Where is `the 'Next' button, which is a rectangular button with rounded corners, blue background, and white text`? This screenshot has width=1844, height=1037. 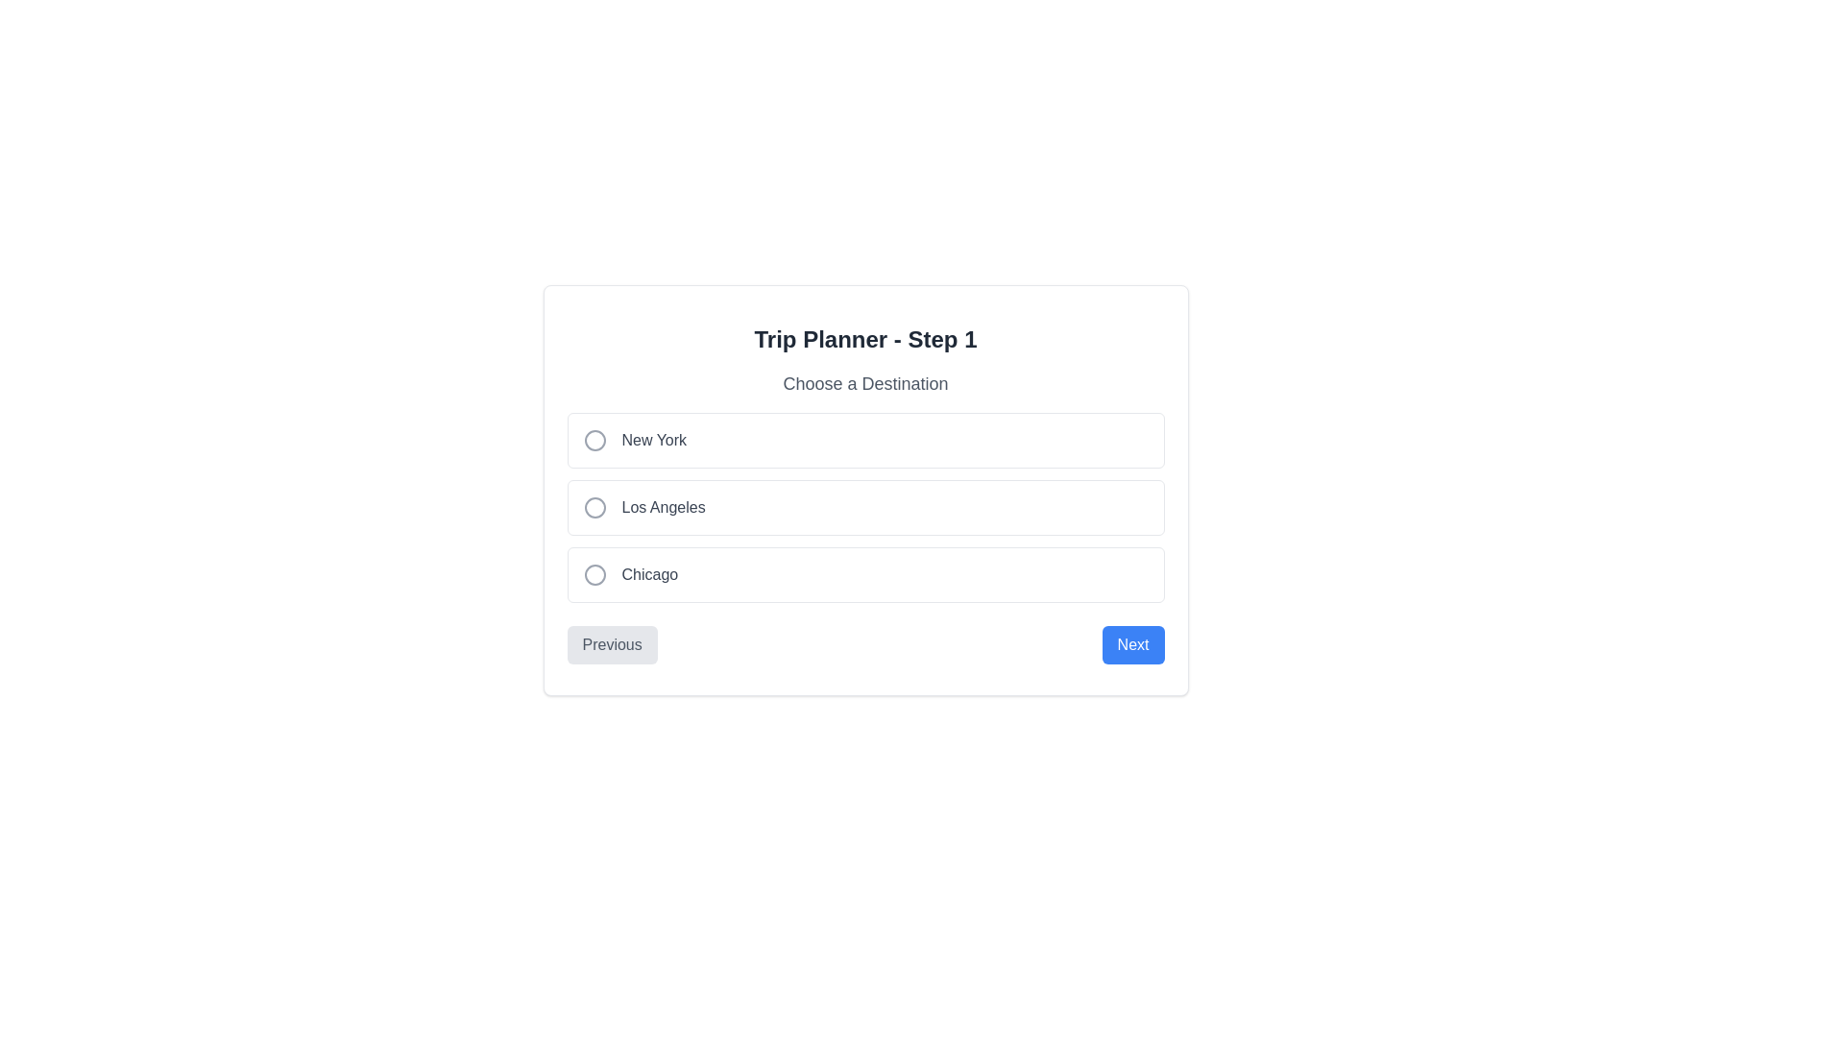 the 'Next' button, which is a rectangular button with rounded corners, blue background, and white text is located at coordinates (1133, 644).